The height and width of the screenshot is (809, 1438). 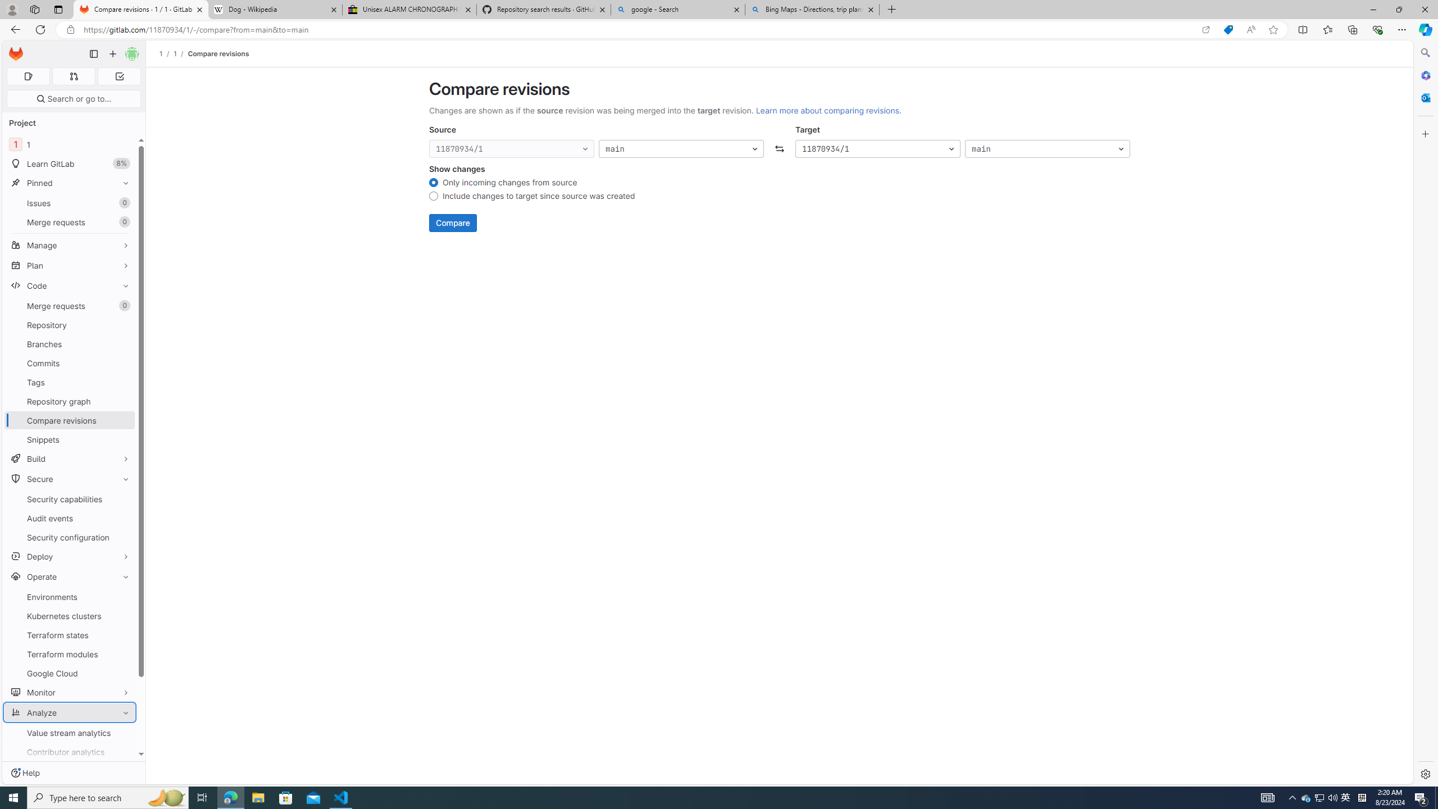 What do you see at coordinates (124, 344) in the screenshot?
I see `'Pin Branches'` at bounding box center [124, 344].